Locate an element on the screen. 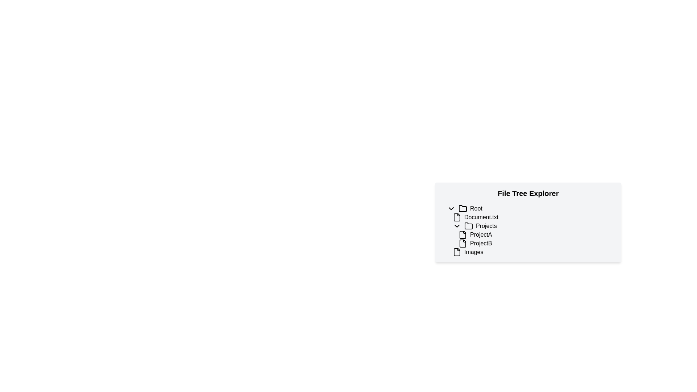 This screenshot has height=392, width=697. the document icon, which is a stylized sheet of paper with a folded upper right corner, located within the 'ProjectB' sub-item of the project's file tree is located at coordinates (462, 244).